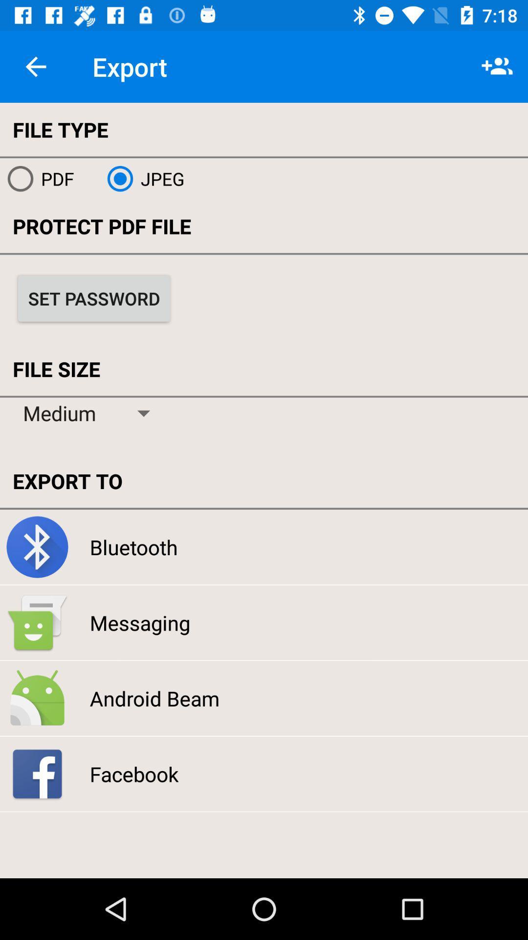  What do you see at coordinates (140, 622) in the screenshot?
I see `messaging` at bounding box center [140, 622].